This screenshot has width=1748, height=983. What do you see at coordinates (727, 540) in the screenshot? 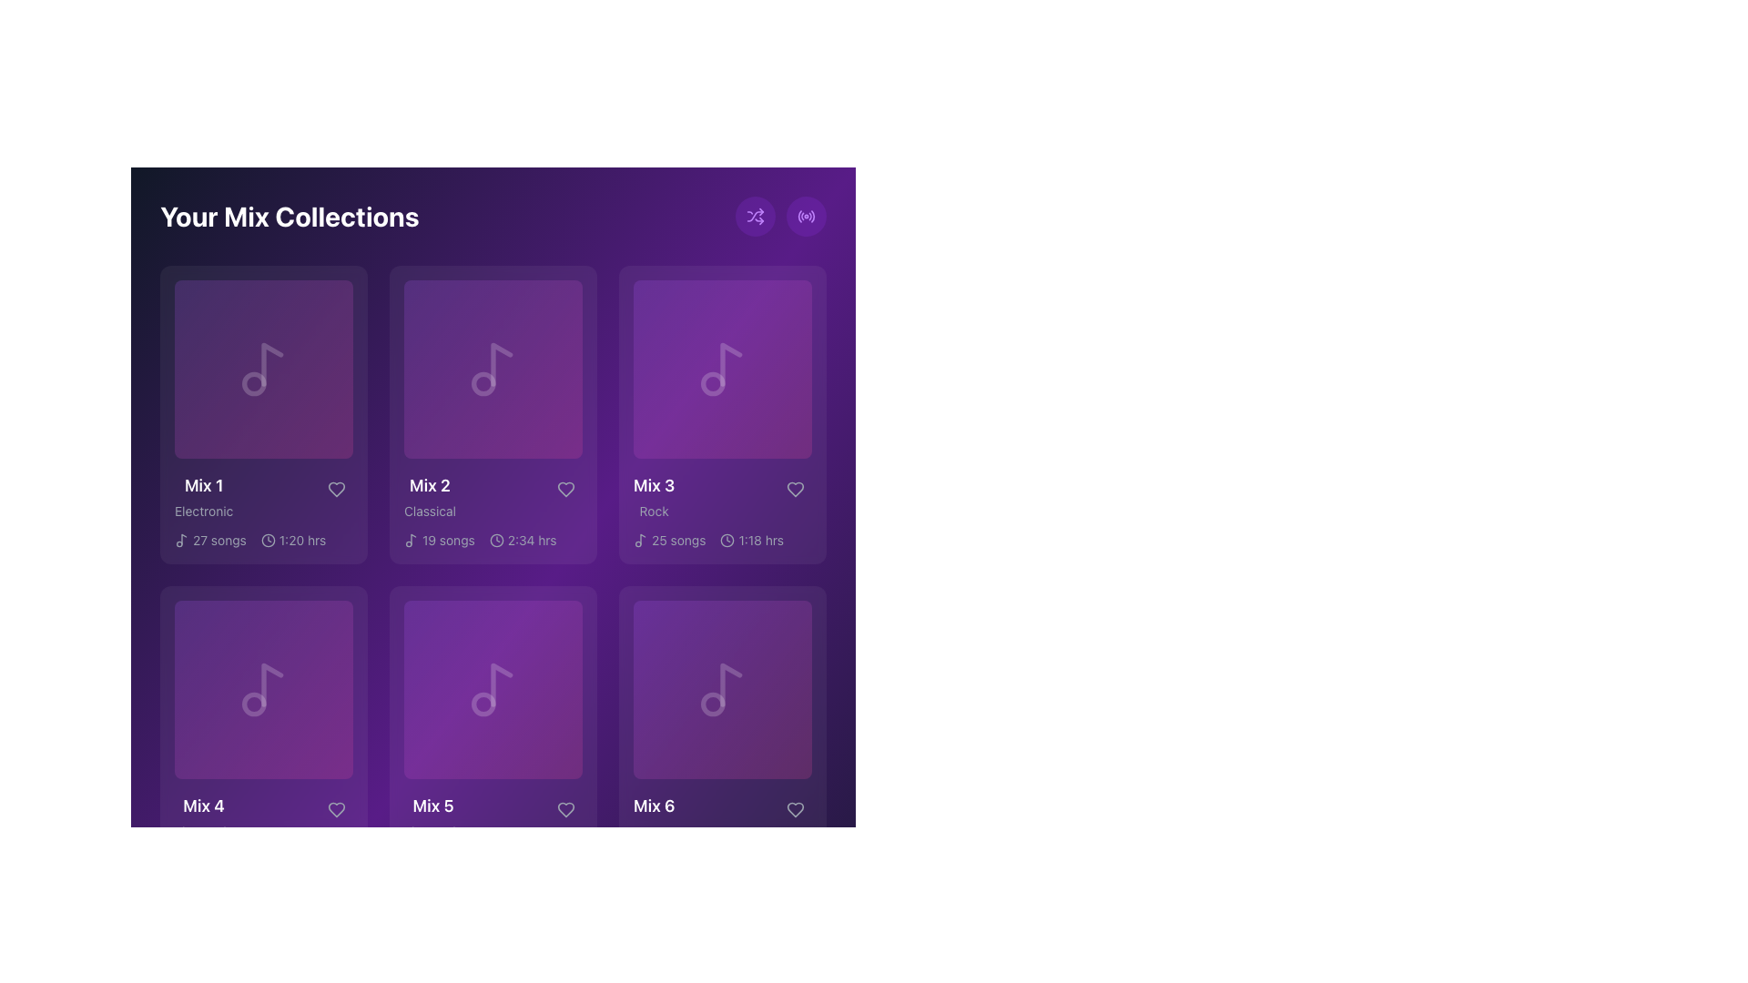
I see `the circular background of the clock icon, which is part of the 'Mix 3' card in the interface` at bounding box center [727, 540].